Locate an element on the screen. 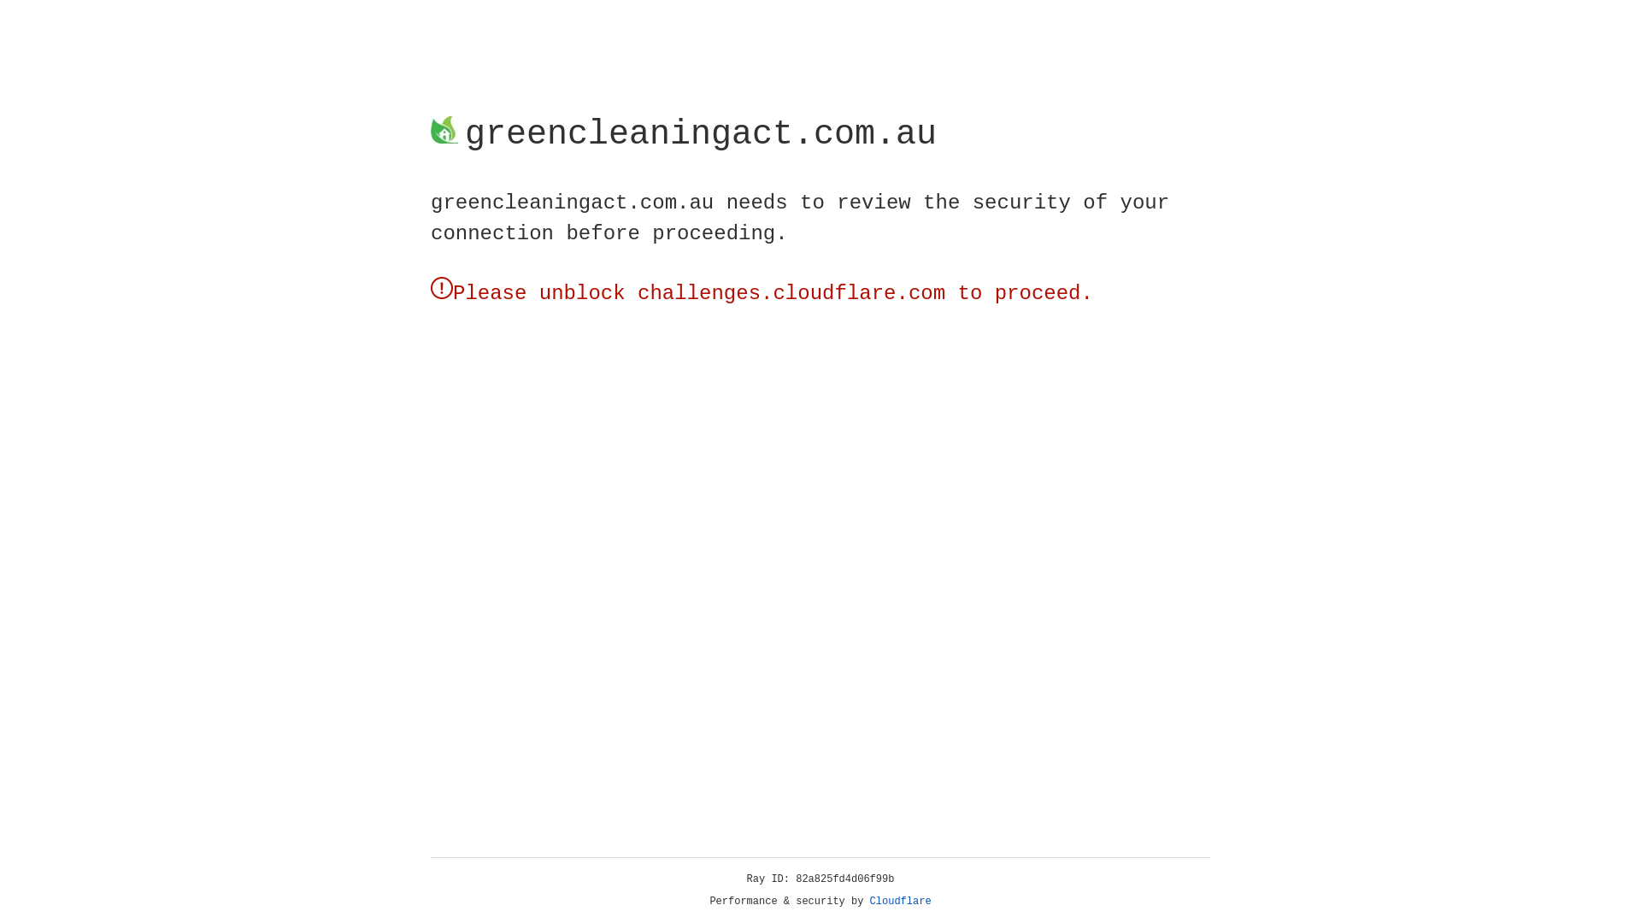  'Cloudflare' is located at coordinates (900, 901).